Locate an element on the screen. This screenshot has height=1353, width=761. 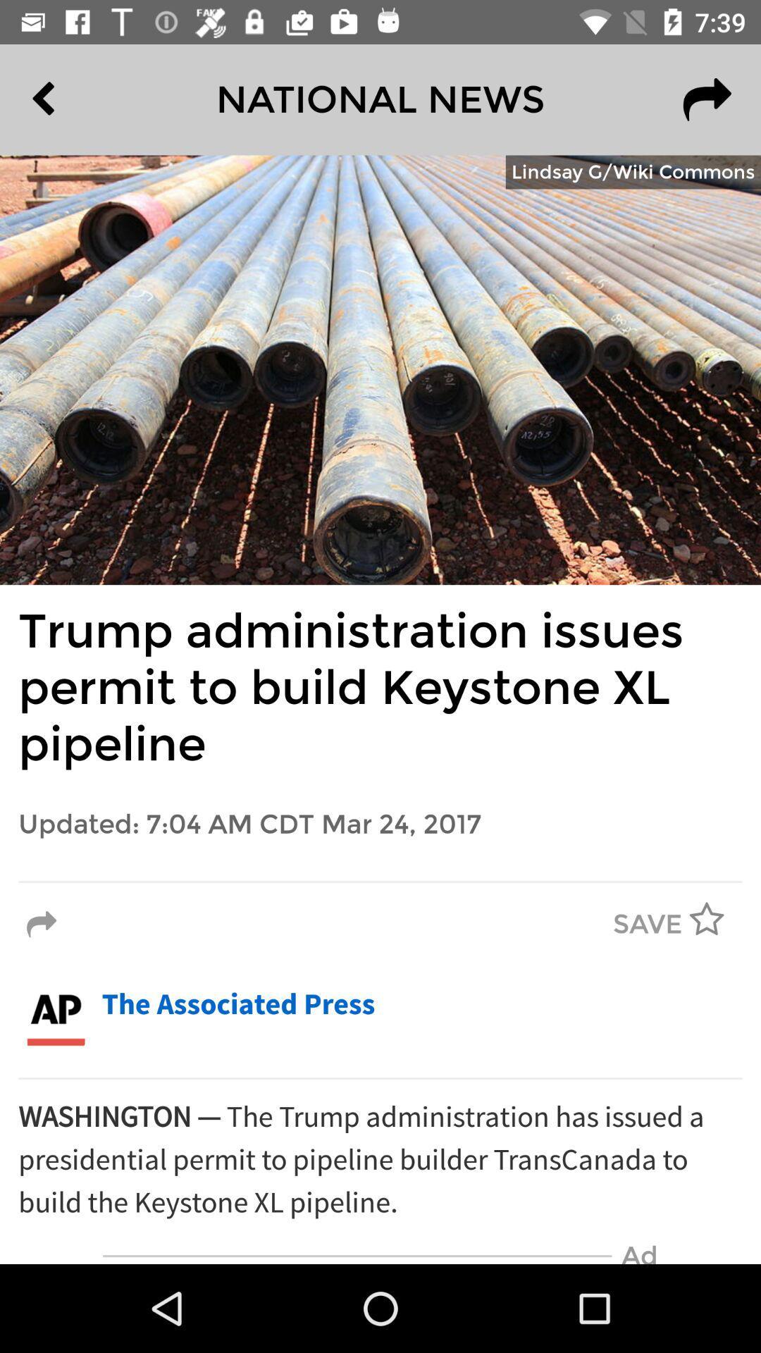
the item at the top left corner is located at coordinates (75, 99).